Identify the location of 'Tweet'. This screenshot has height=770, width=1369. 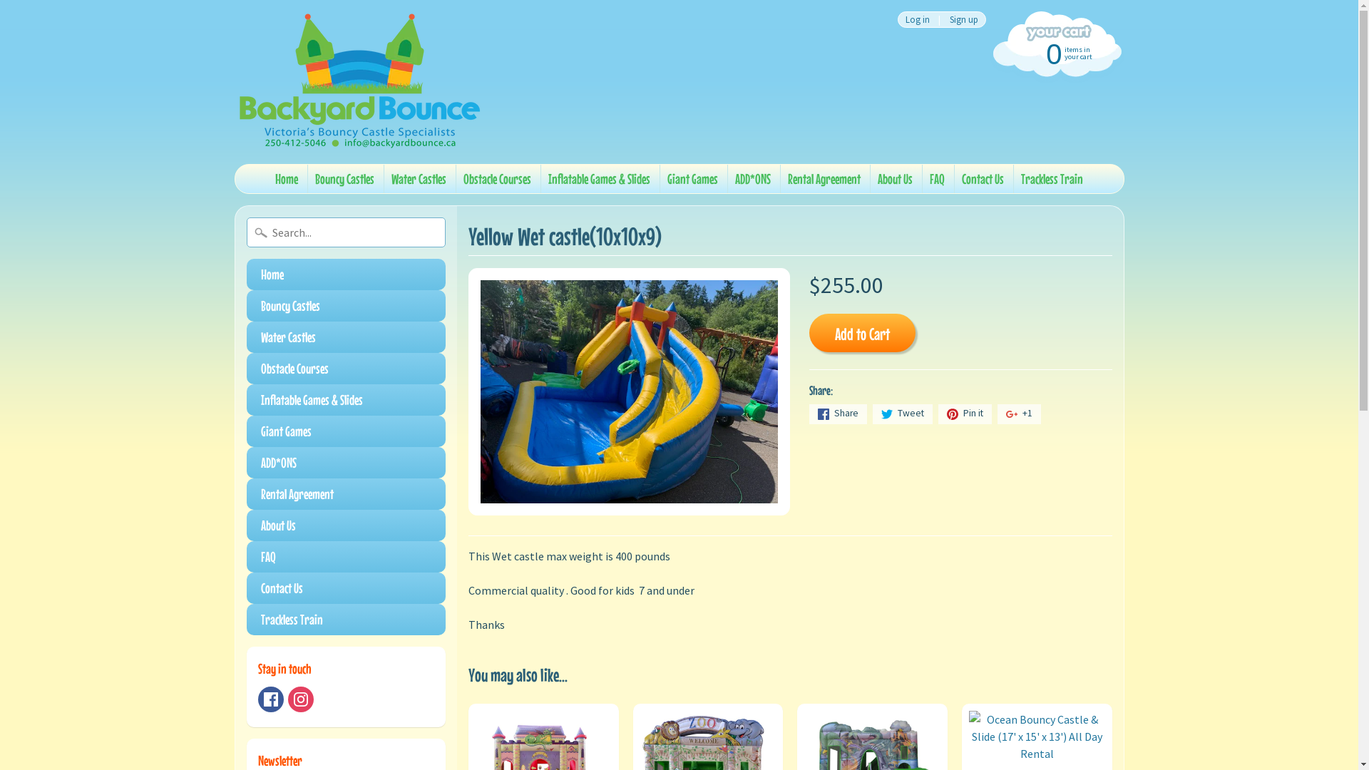
(902, 414).